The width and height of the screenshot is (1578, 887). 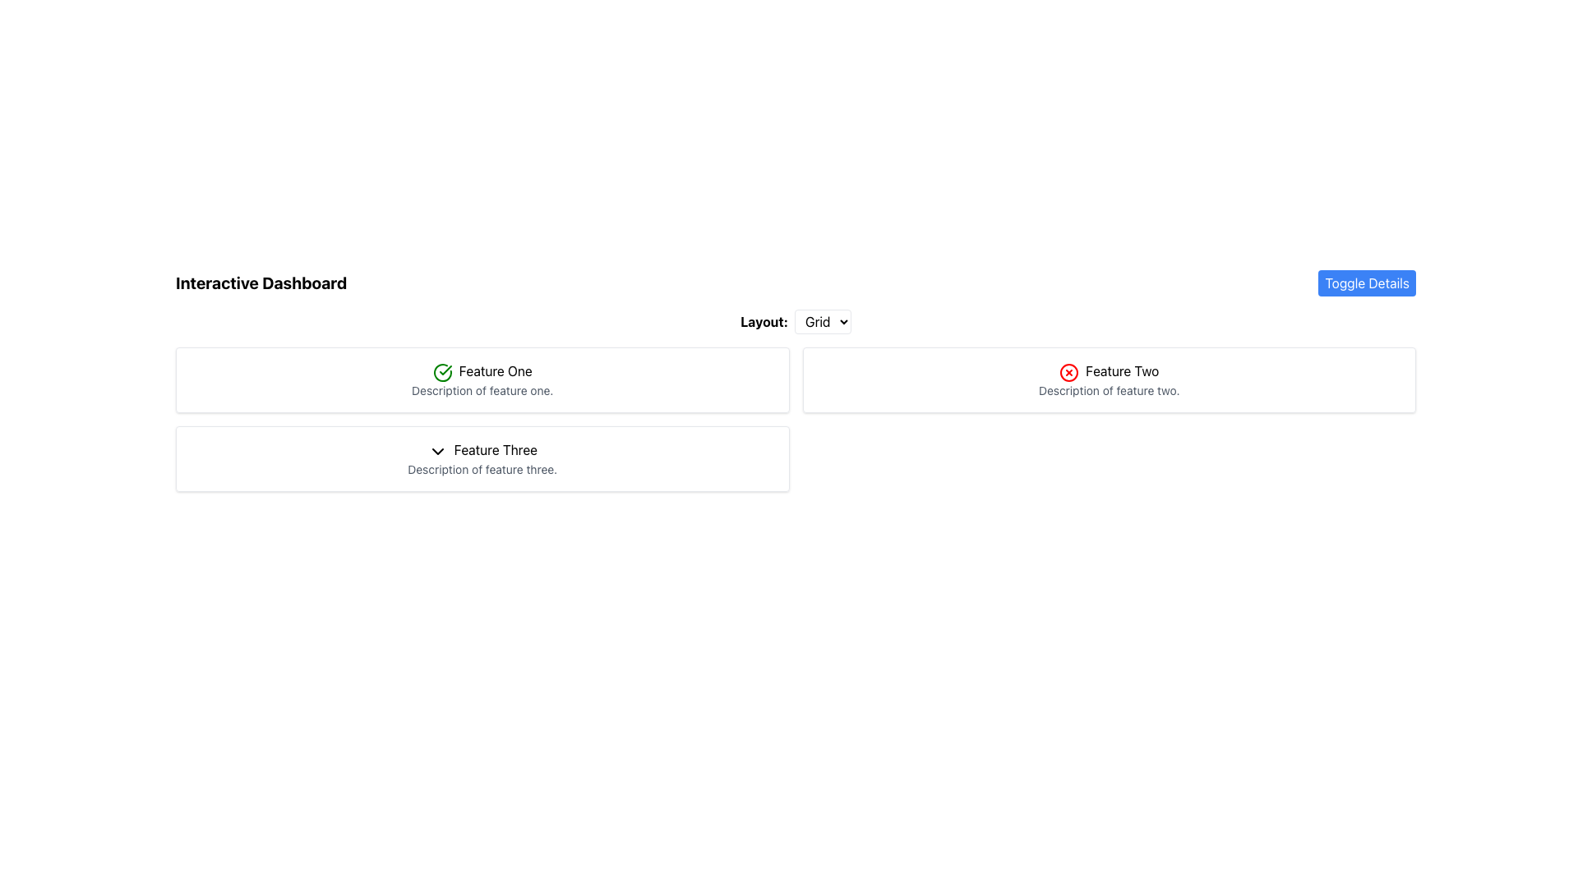 What do you see at coordinates (437, 451) in the screenshot?
I see `the interactive toggle icon located in the 'Feature Three' block, next to the heading 'Feature Three'` at bounding box center [437, 451].